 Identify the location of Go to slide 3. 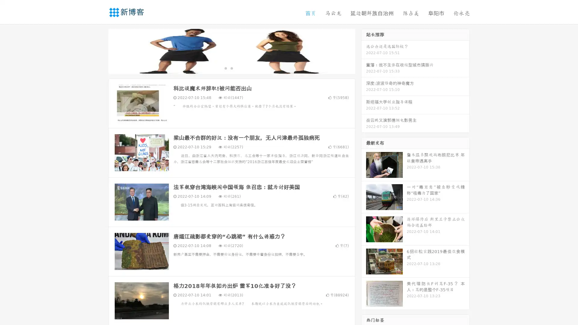
(238, 68).